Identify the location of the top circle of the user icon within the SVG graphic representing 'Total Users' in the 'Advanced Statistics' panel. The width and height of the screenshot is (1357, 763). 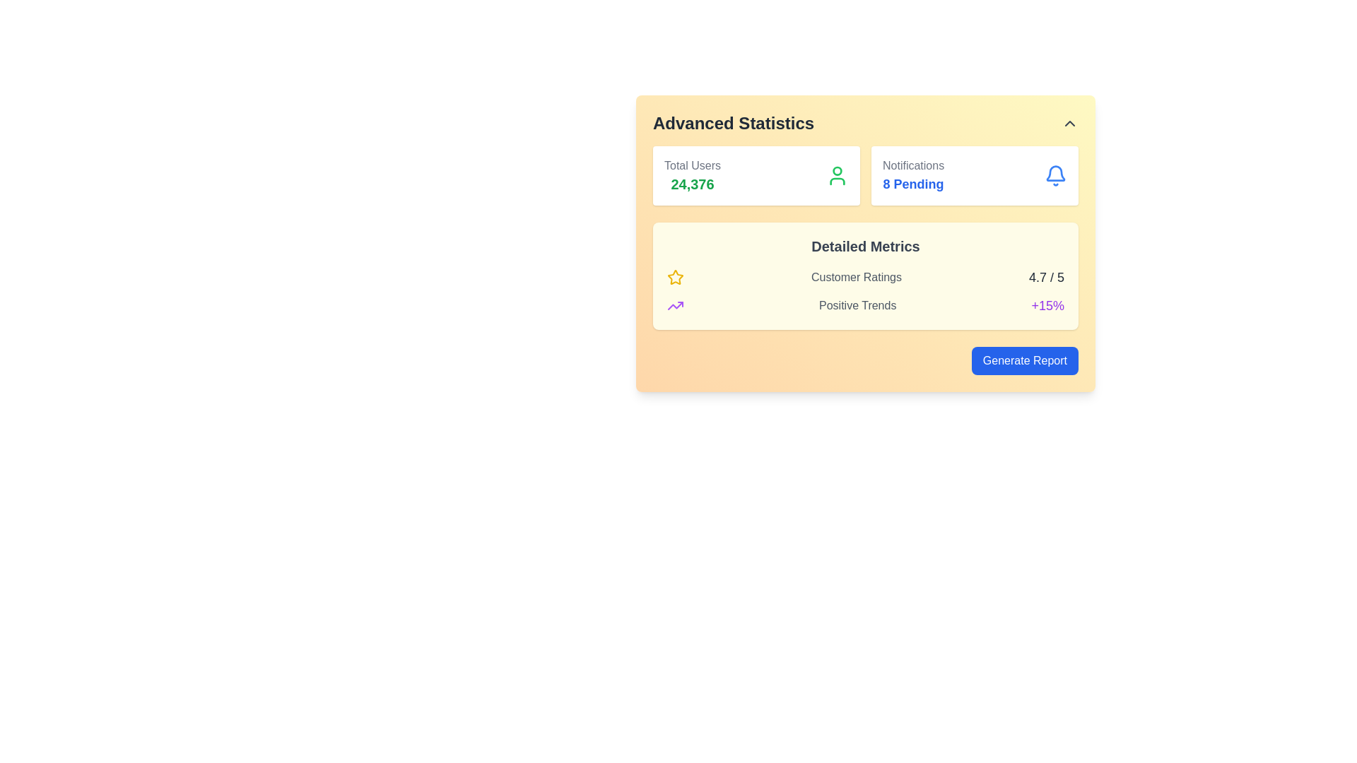
(838, 170).